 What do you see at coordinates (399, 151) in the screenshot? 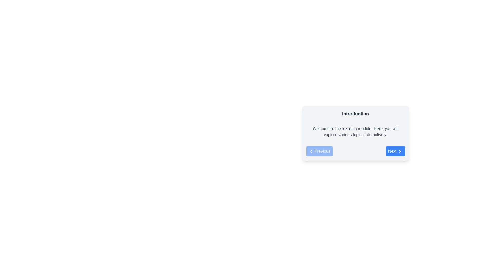
I see `the rightward-pointing chevron arrow icon within the blue 'Next' button located at the bottom-right of the card` at bounding box center [399, 151].